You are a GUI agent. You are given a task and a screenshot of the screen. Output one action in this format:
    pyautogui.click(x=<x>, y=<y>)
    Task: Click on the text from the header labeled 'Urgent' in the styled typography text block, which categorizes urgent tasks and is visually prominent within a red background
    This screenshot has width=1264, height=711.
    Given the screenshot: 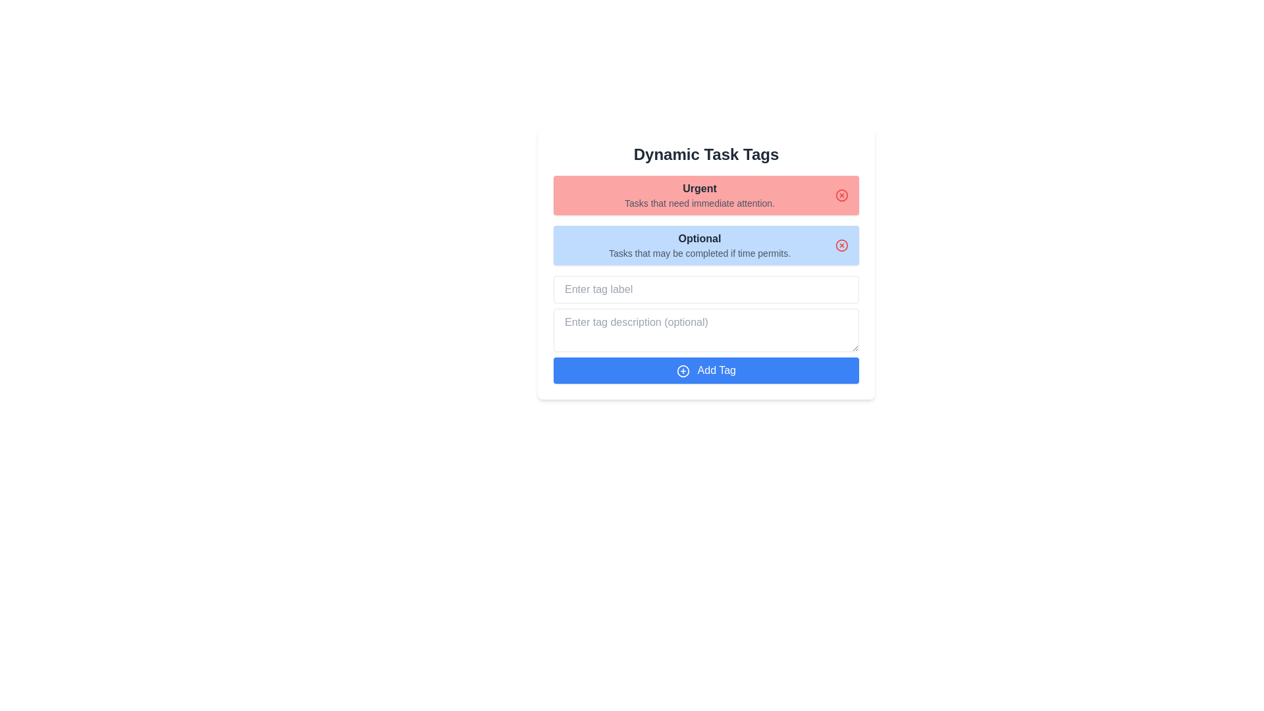 What is the action you would take?
    pyautogui.click(x=698, y=196)
    